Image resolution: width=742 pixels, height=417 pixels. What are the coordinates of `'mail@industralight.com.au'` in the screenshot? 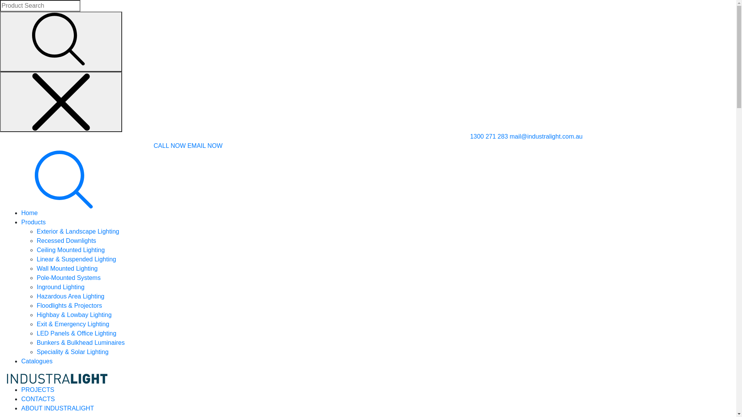 It's located at (510, 136).